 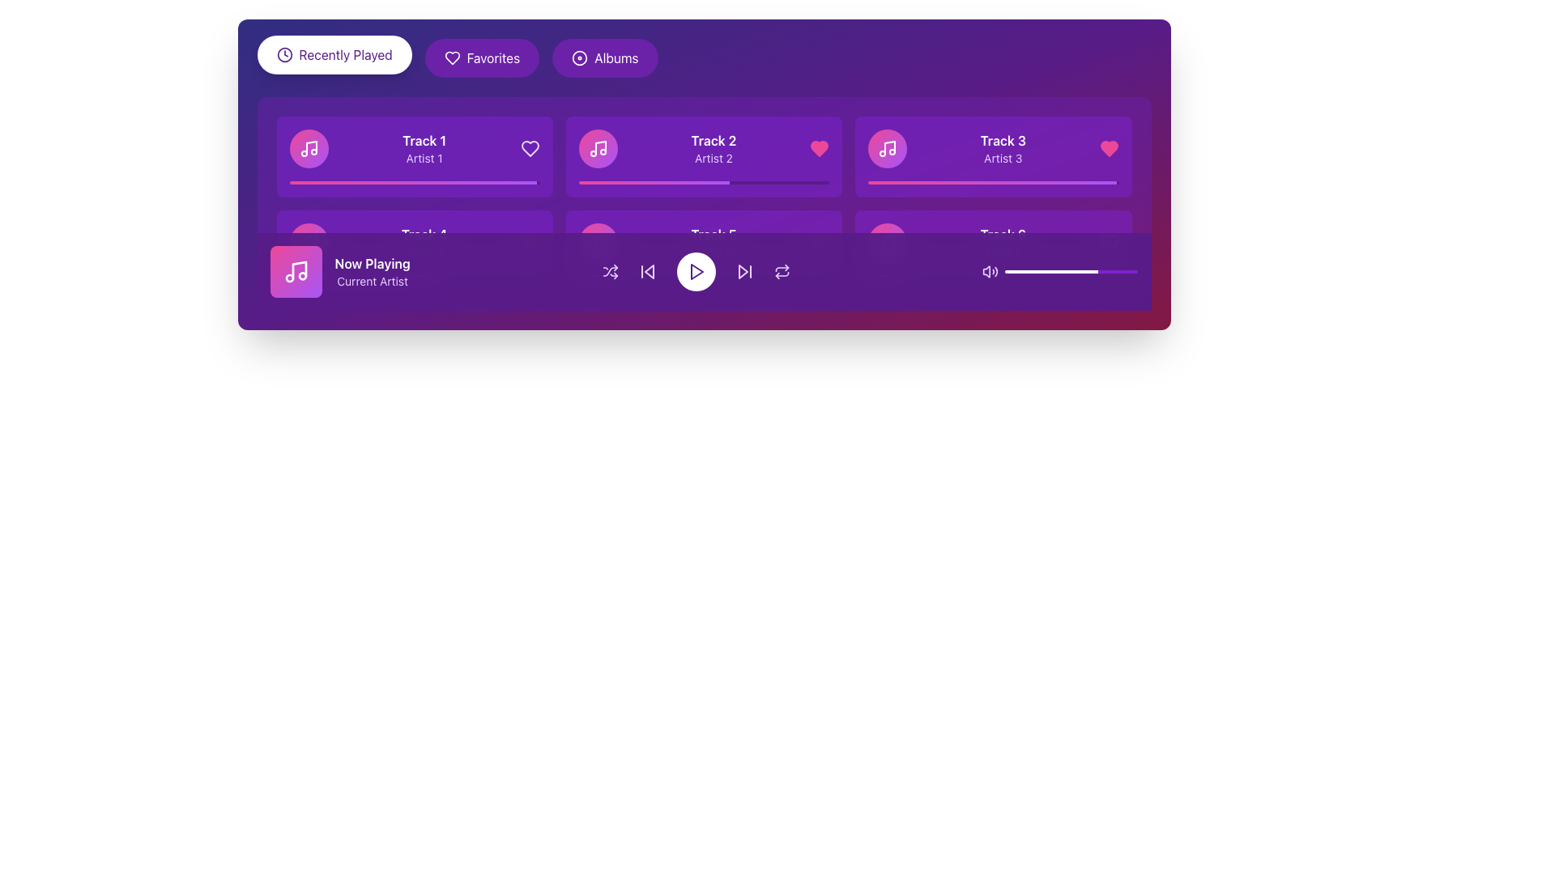 What do you see at coordinates (697, 270) in the screenshot?
I see `the triangular 'Play' icon located within the central circular media control button at the bottom of the interface to initiate media playback` at bounding box center [697, 270].